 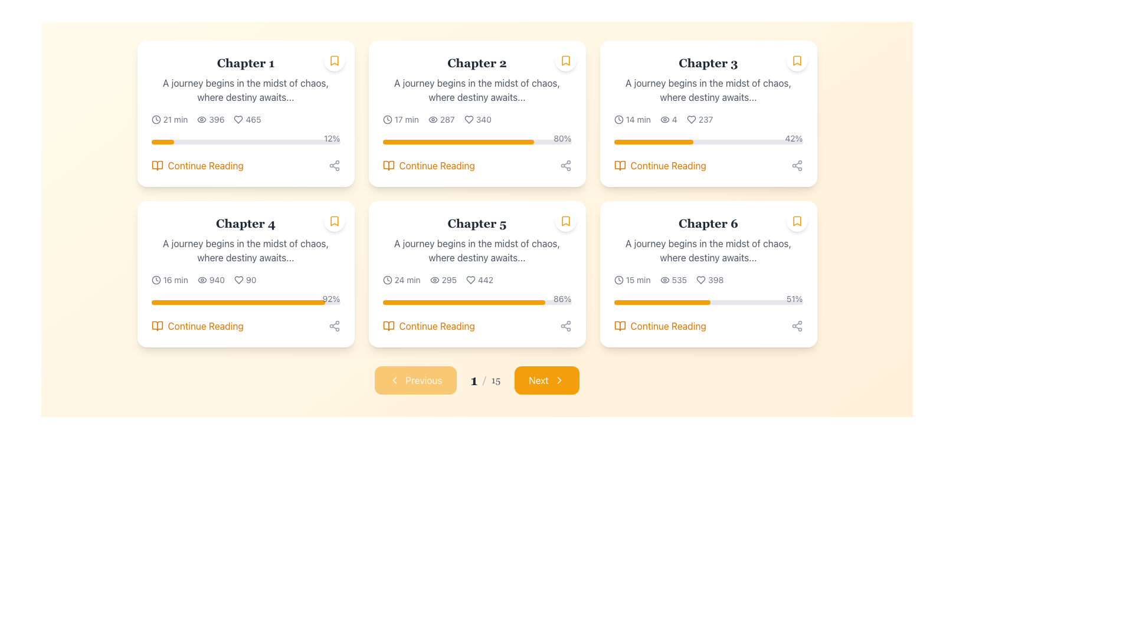 What do you see at coordinates (333, 61) in the screenshot?
I see `the bookmarking icon located in the top-right corner of the 'Chapter 1' card` at bounding box center [333, 61].